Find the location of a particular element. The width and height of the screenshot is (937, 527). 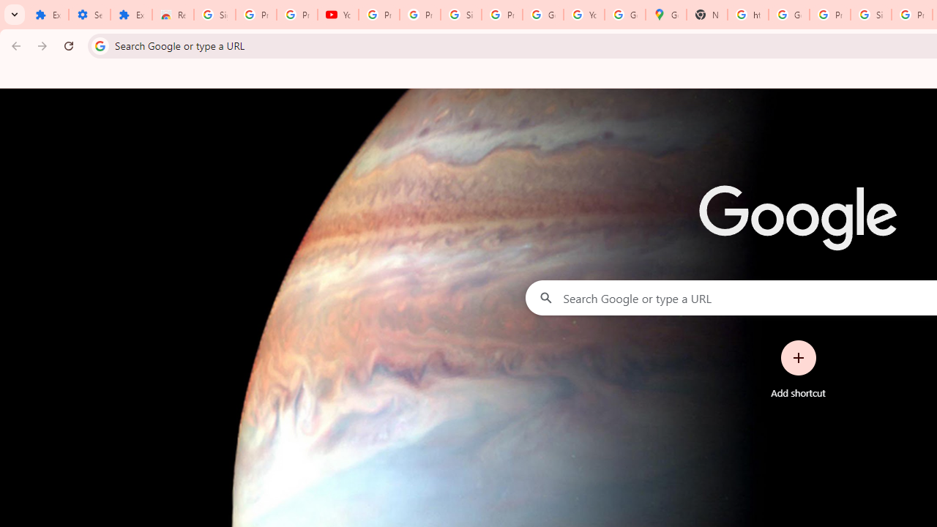

'Add shortcut' is located at coordinates (797, 369).